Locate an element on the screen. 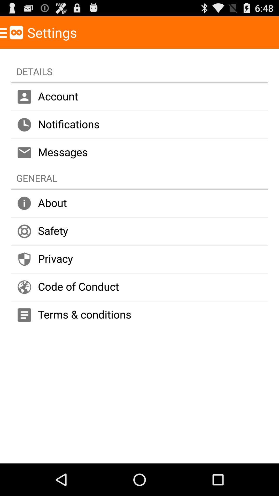 The image size is (279, 496). the notifications is located at coordinates (139, 125).